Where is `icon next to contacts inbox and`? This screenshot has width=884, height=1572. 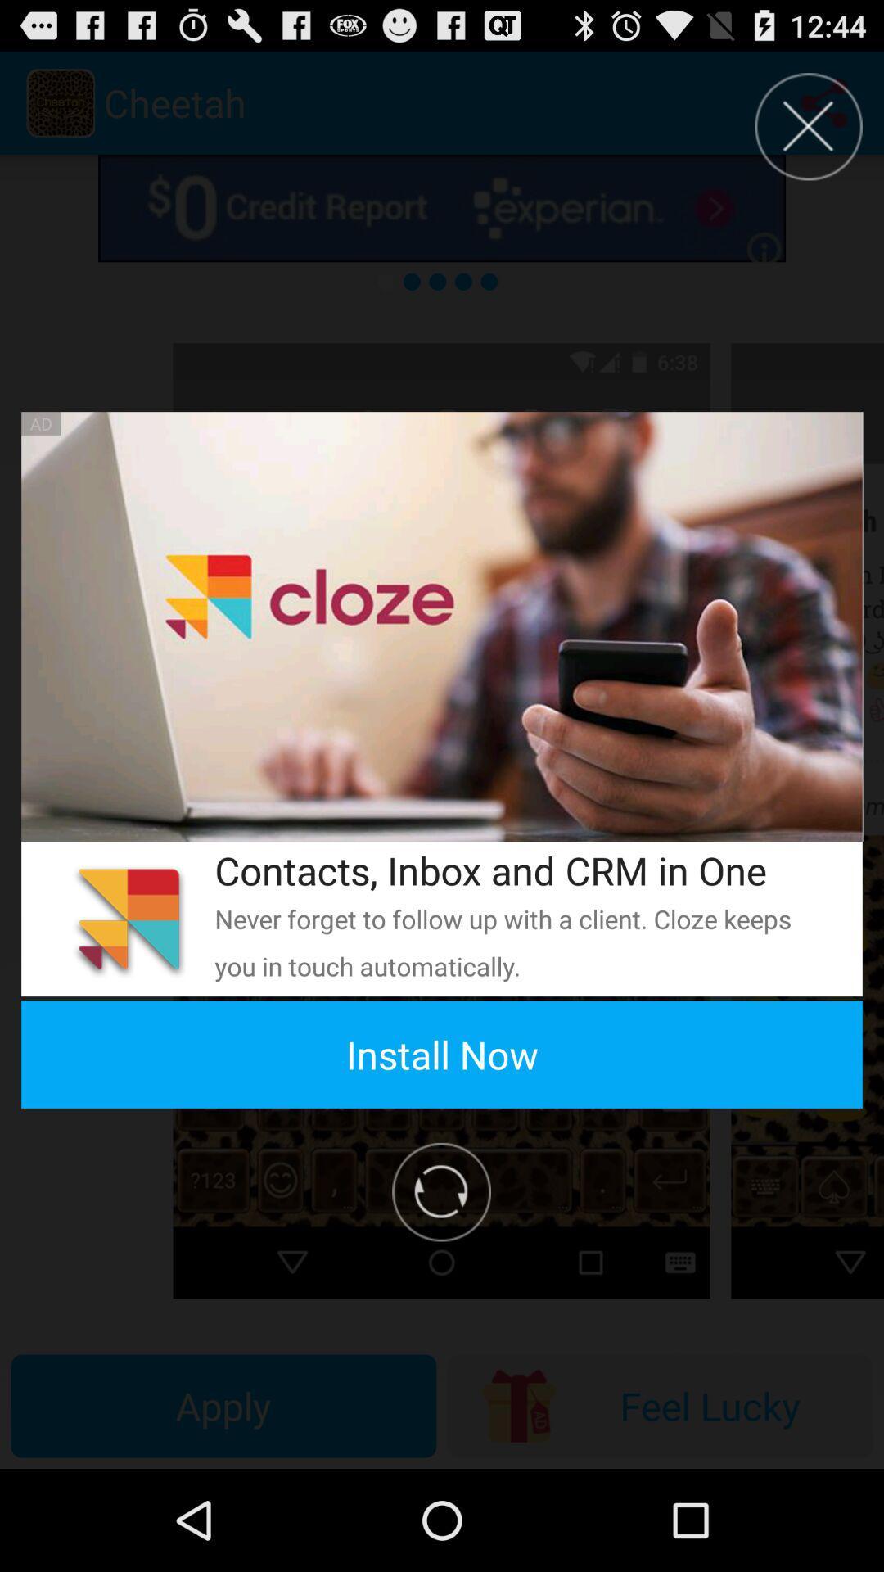
icon next to contacts inbox and is located at coordinates (128, 919).